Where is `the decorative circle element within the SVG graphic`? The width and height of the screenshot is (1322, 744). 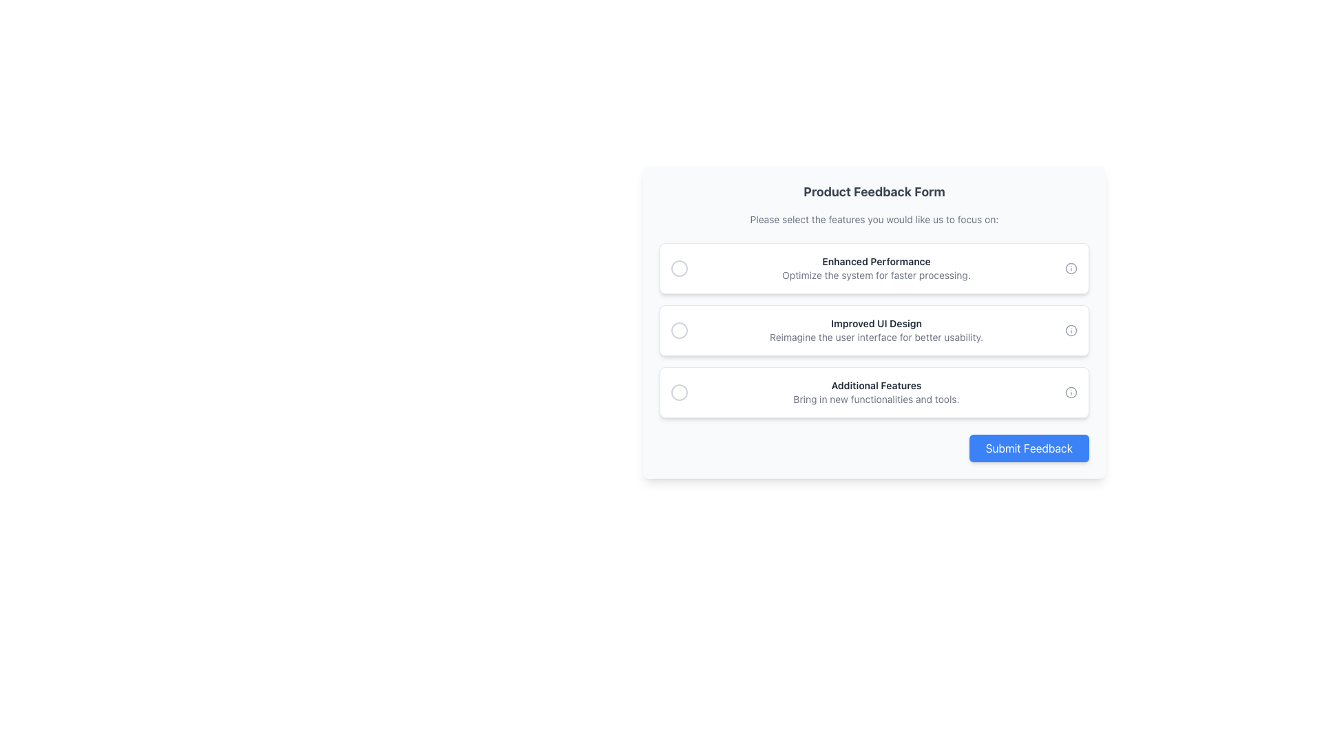
the decorative circle element within the SVG graphic is located at coordinates (1070, 268).